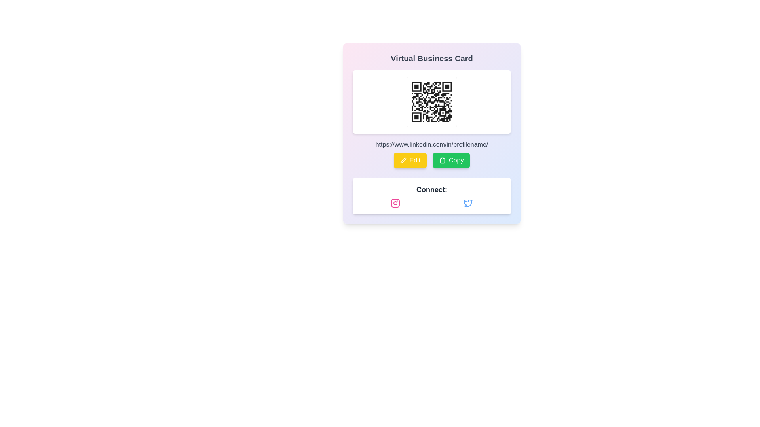 This screenshot has height=427, width=760. I want to click on the Instagram button located in the bottom section of the card interface under the 'Connect:' header to change its color, so click(395, 202).